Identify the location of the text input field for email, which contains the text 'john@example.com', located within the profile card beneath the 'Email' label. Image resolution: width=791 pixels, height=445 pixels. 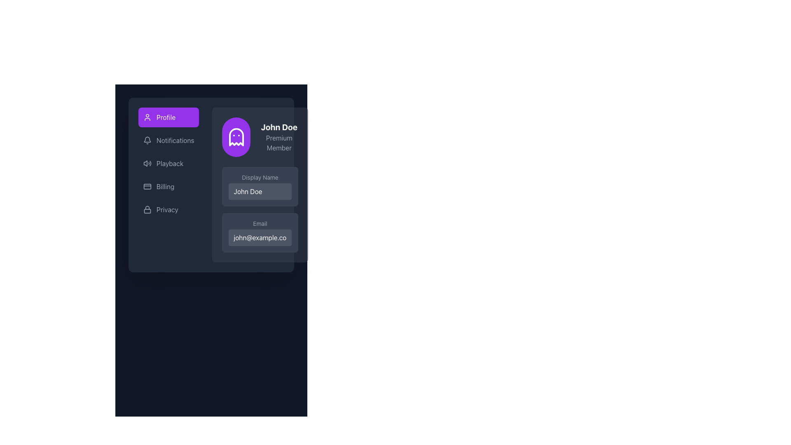
(260, 238).